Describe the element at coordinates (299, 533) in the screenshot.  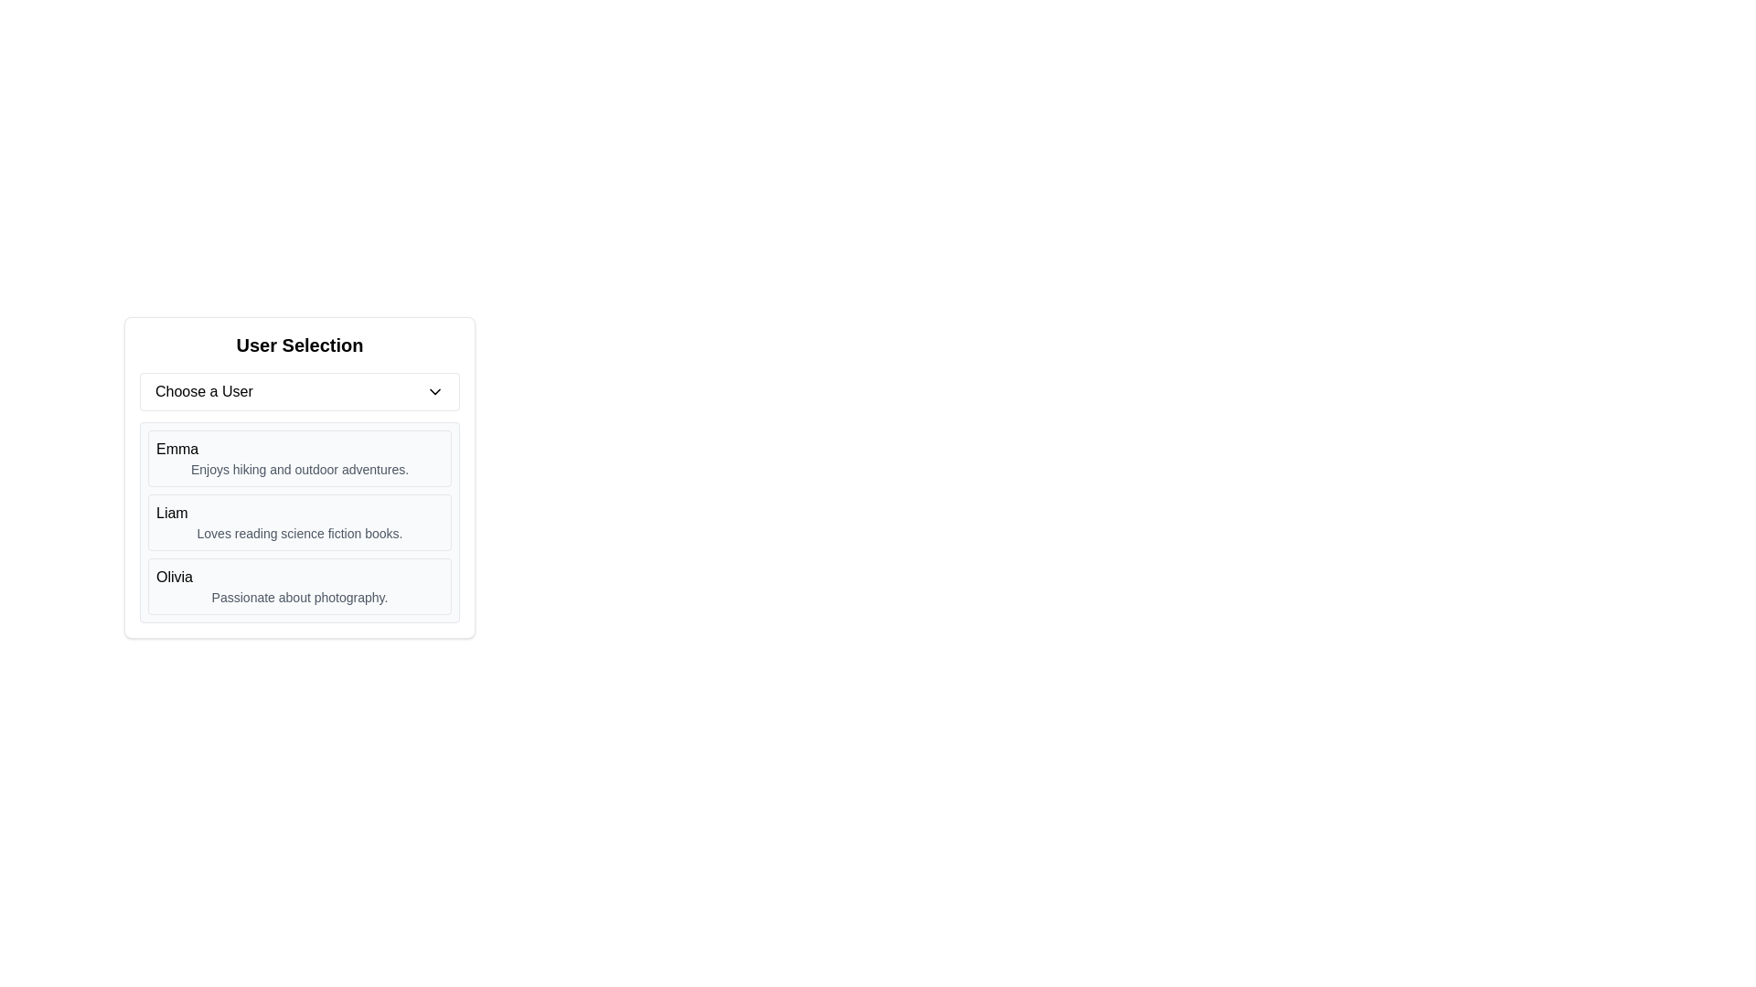
I see `the static text label that reads 'Loves reading science fiction books.' located directly below the user's name within the 'Liam' user entry` at that location.